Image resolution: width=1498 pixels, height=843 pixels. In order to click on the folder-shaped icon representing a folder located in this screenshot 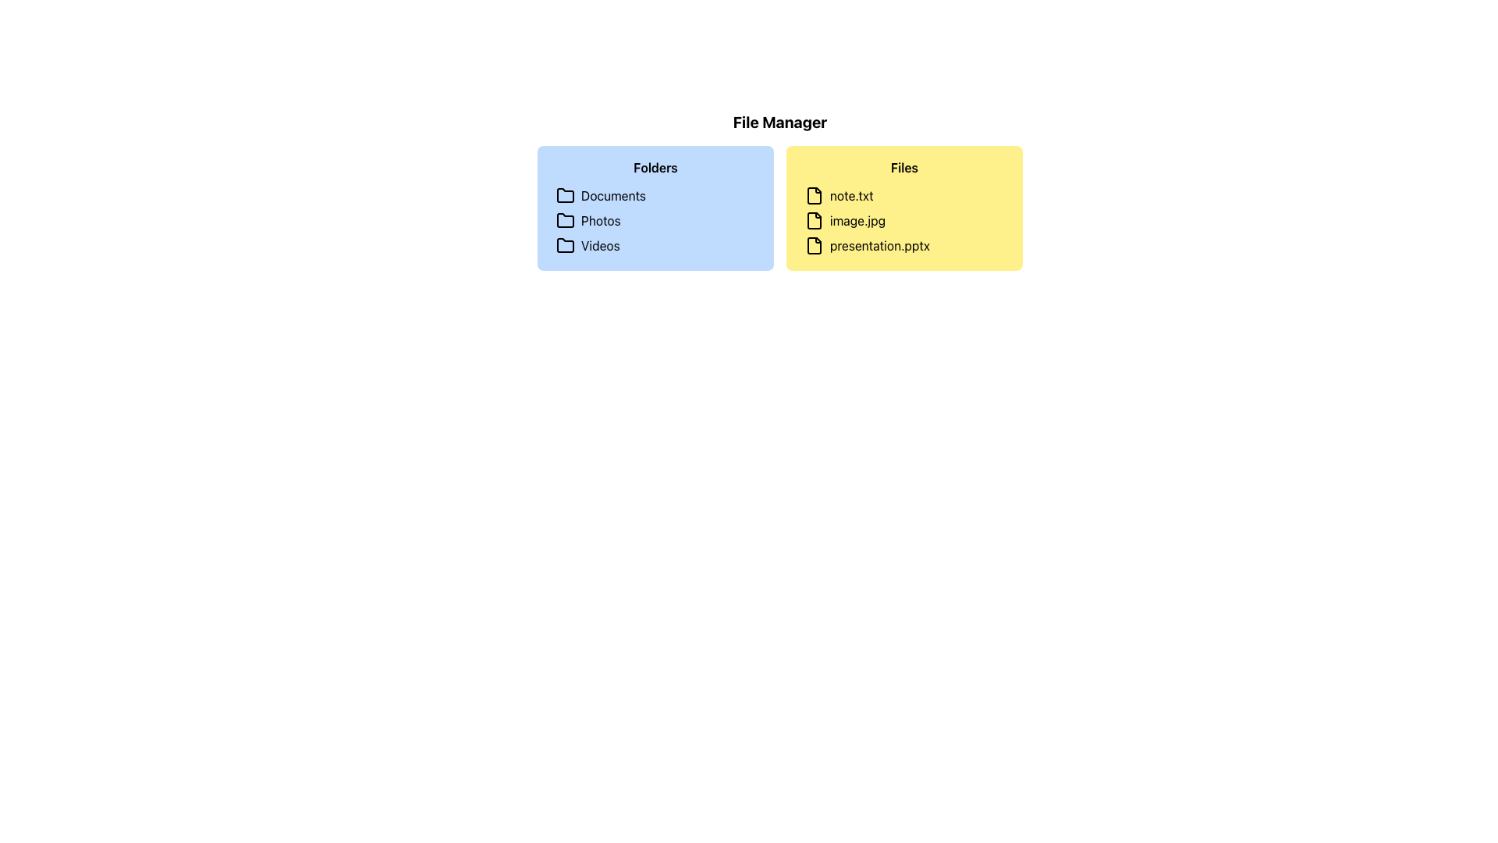, I will do `click(564, 220)`.